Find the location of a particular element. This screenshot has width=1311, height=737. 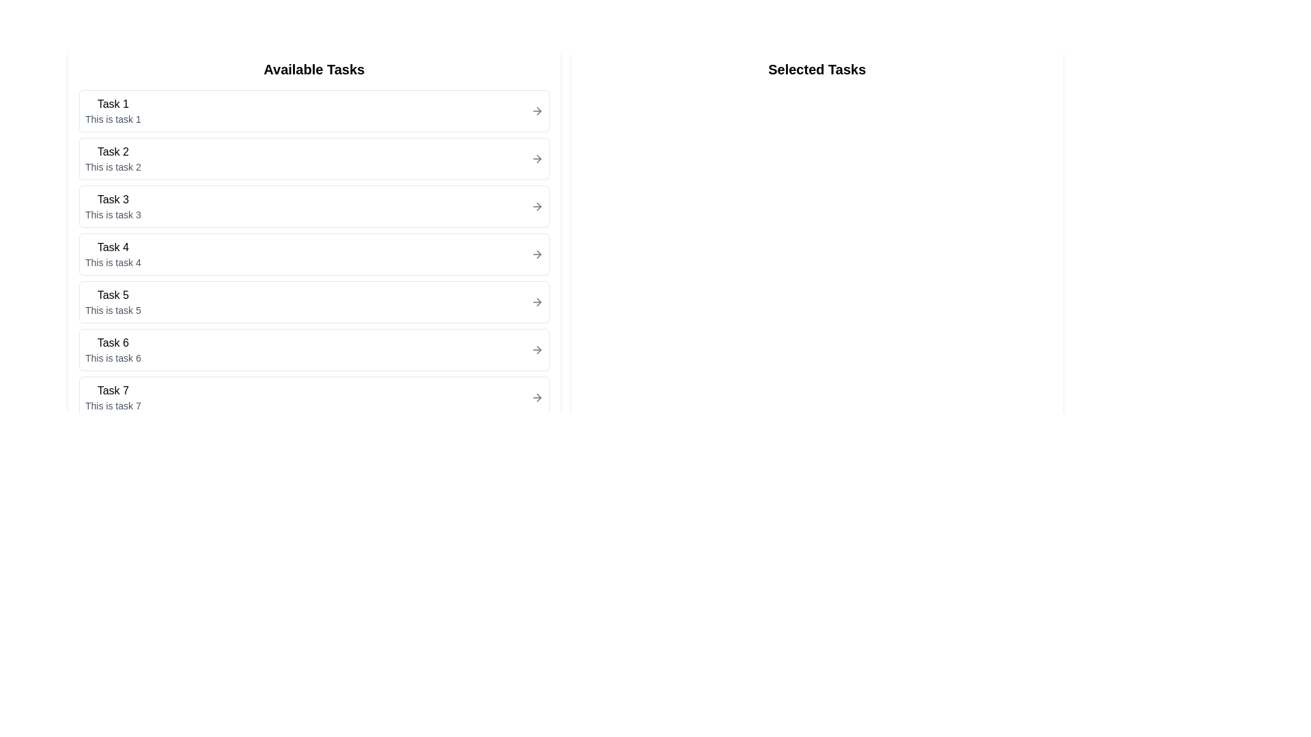

the right-pointing arrow icon styled in gray, located at the right end of the task card titled 'Task 7 This is task 7' is located at coordinates (536, 397).